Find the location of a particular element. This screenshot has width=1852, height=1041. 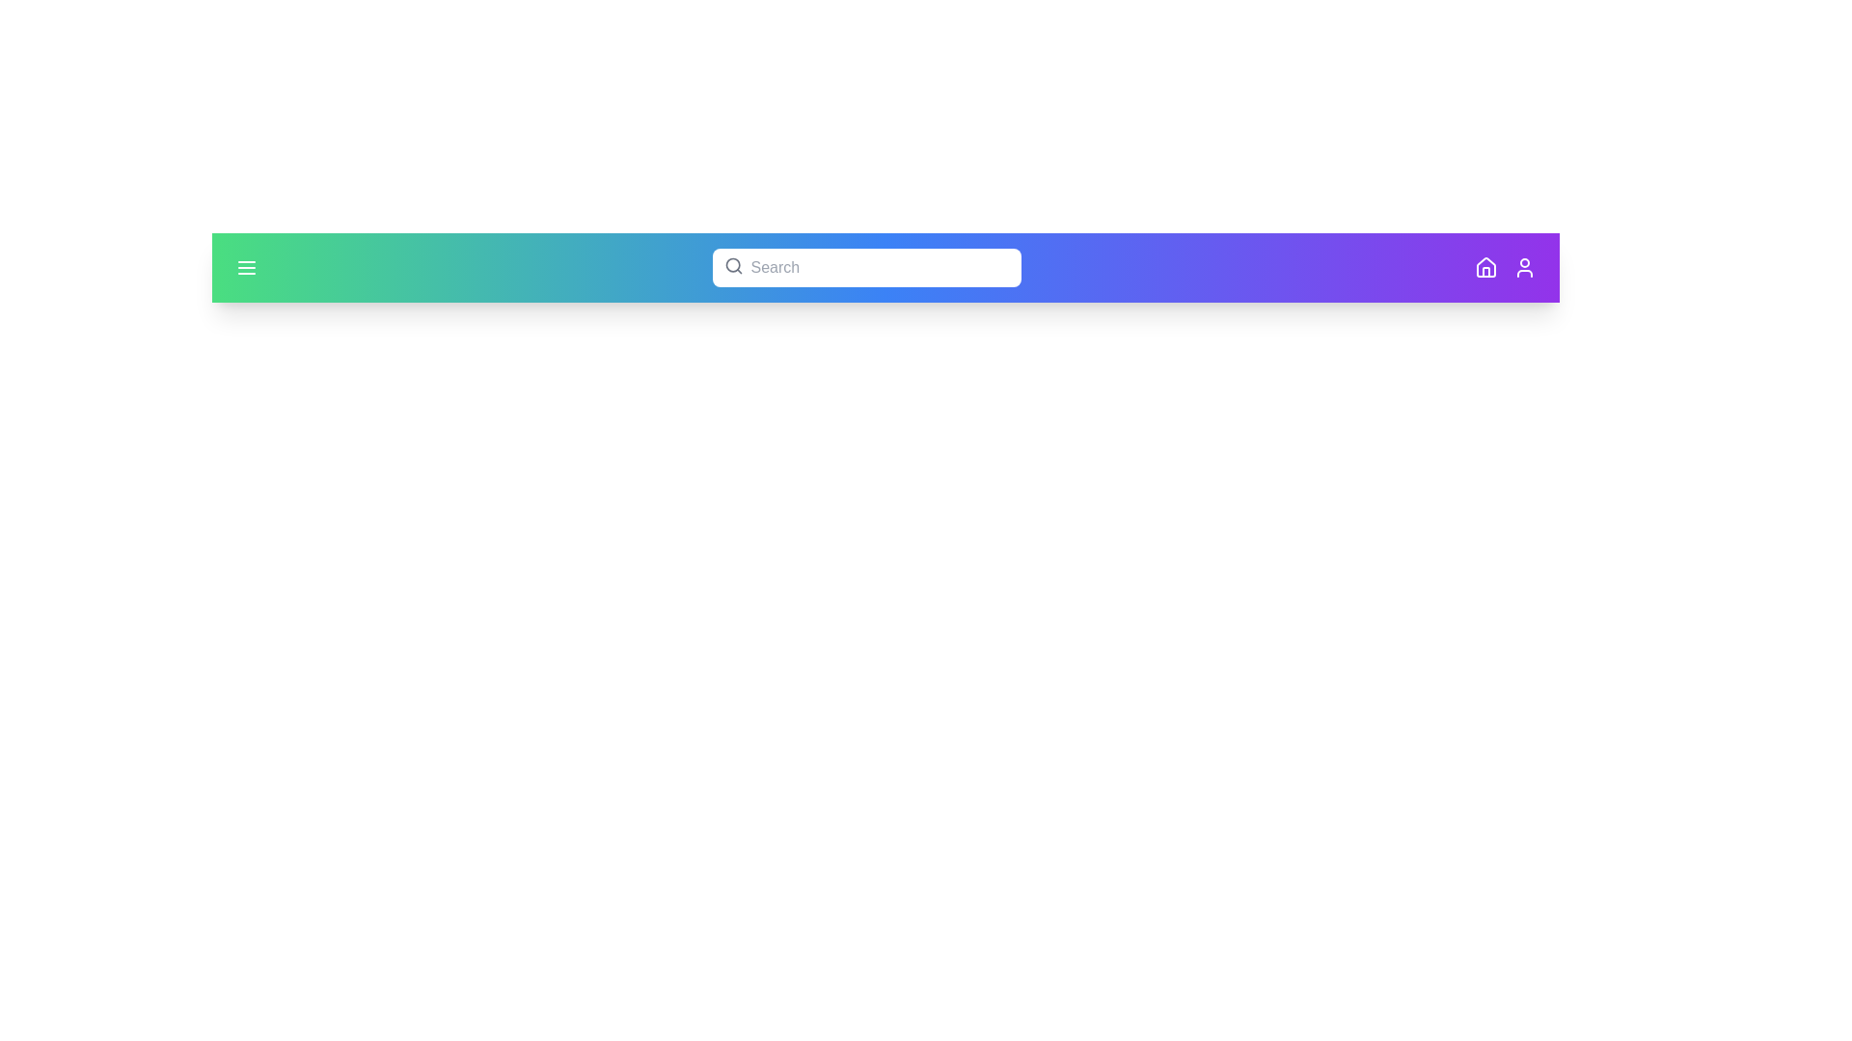

the home icon located on the right side of the app bar is located at coordinates (1484, 267).